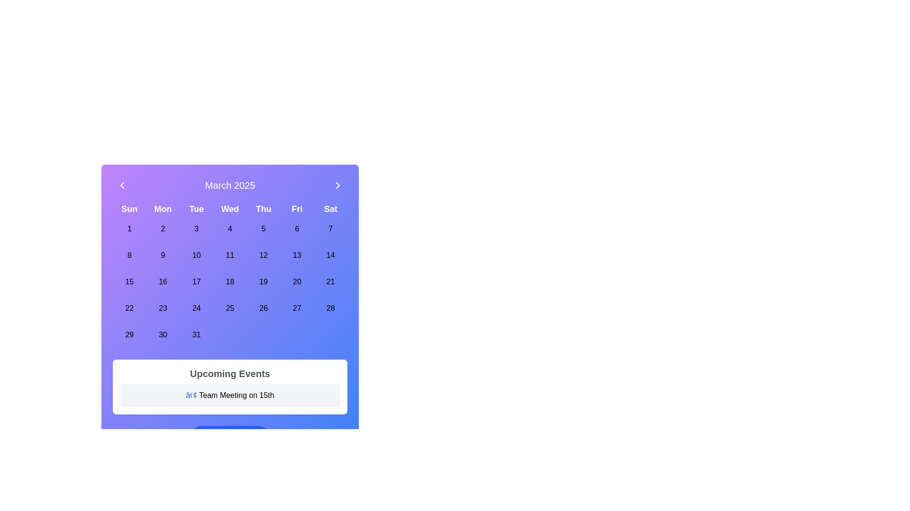  What do you see at coordinates (129, 229) in the screenshot?
I see `the button representing the first day of the month in the calendar to trigger hover effects` at bounding box center [129, 229].